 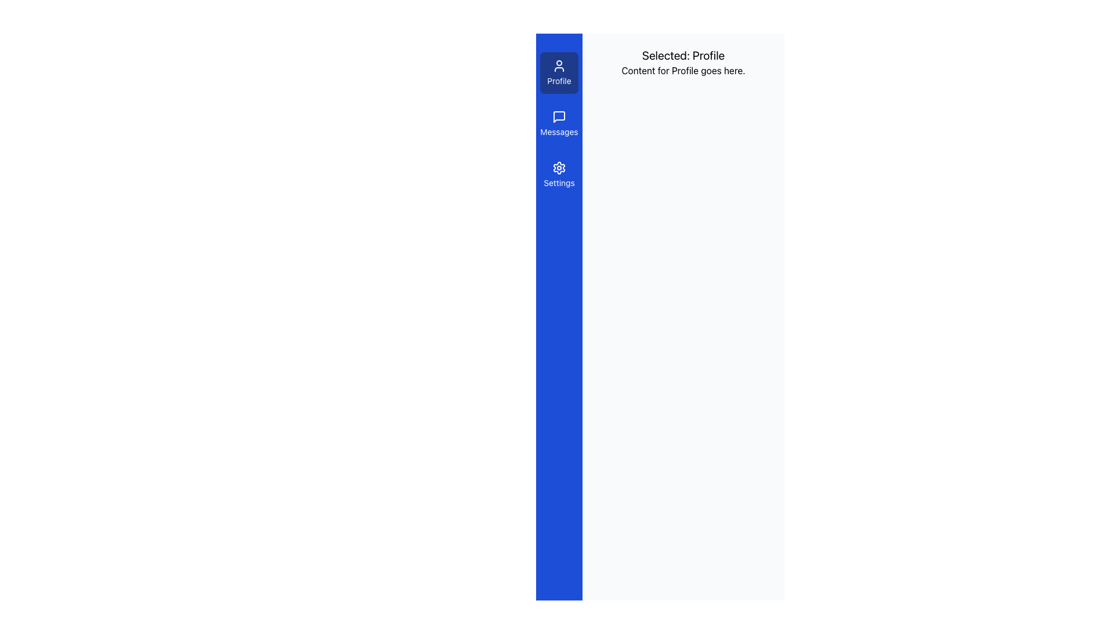 What do you see at coordinates (559, 117) in the screenshot?
I see `the speech bubble icon in the left sidebar` at bounding box center [559, 117].